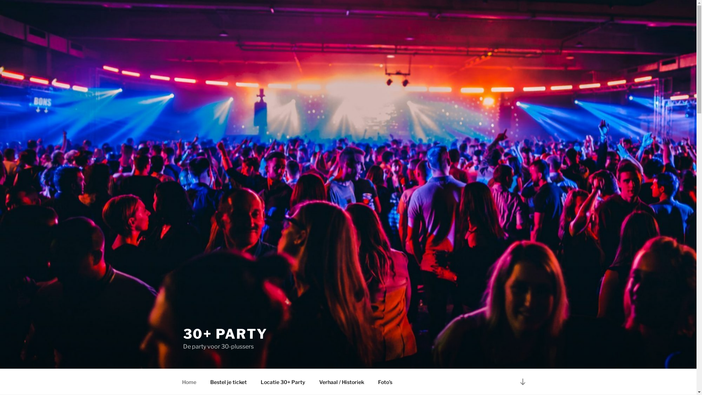 Image resolution: width=702 pixels, height=395 pixels. What do you see at coordinates (341, 381) in the screenshot?
I see `'Verhaal / Historiek'` at bounding box center [341, 381].